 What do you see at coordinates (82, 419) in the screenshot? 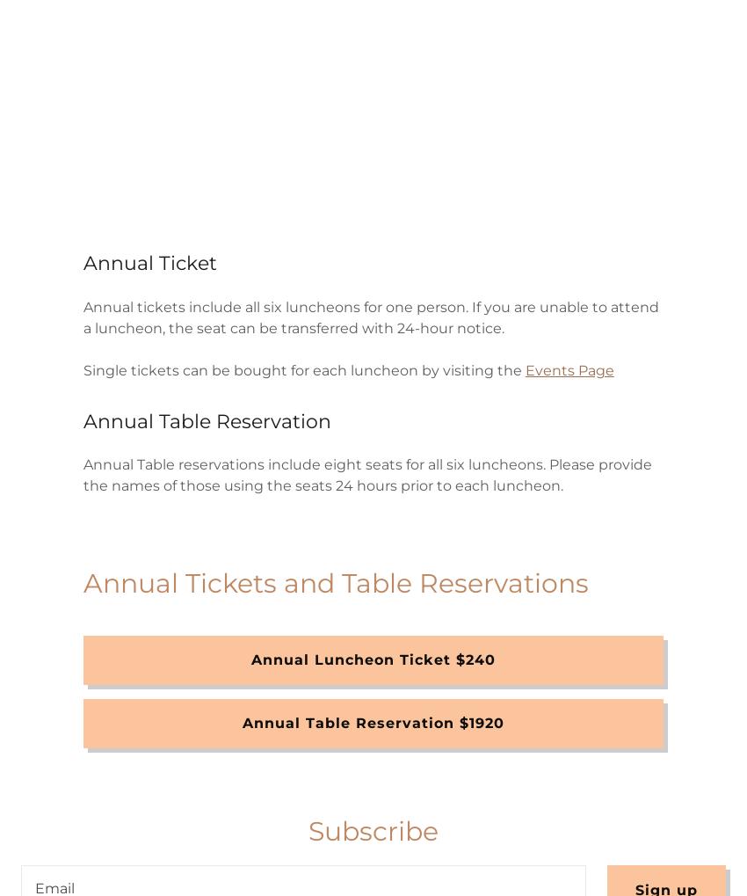
I see `'Annual Table Reservation'` at bounding box center [82, 419].